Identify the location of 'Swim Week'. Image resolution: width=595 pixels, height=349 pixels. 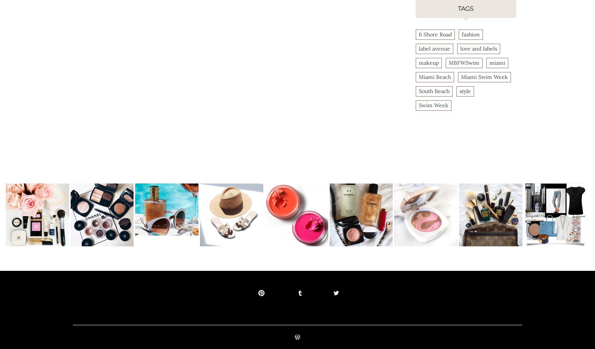
(433, 105).